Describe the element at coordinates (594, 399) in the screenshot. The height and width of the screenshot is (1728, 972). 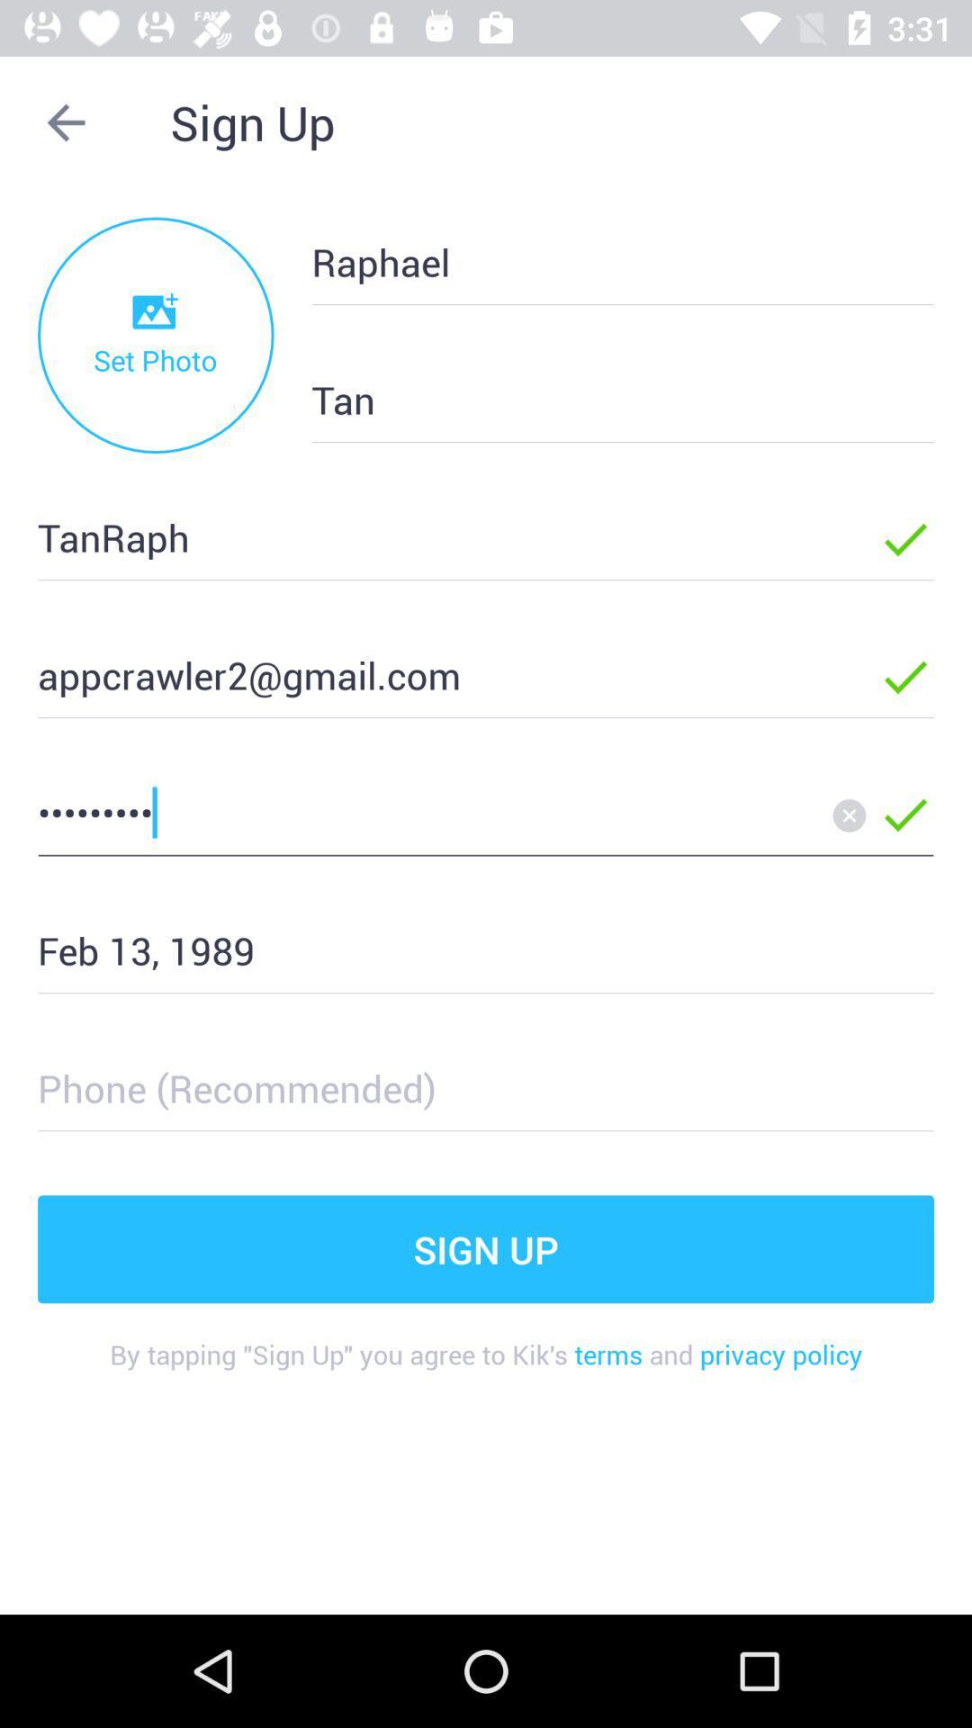
I see `icon next to the set photo icon` at that location.